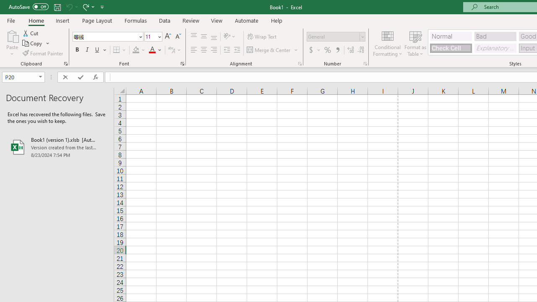  What do you see at coordinates (139, 50) in the screenshot?
I see `'Fill Color'` at bounding box center [139, 50].